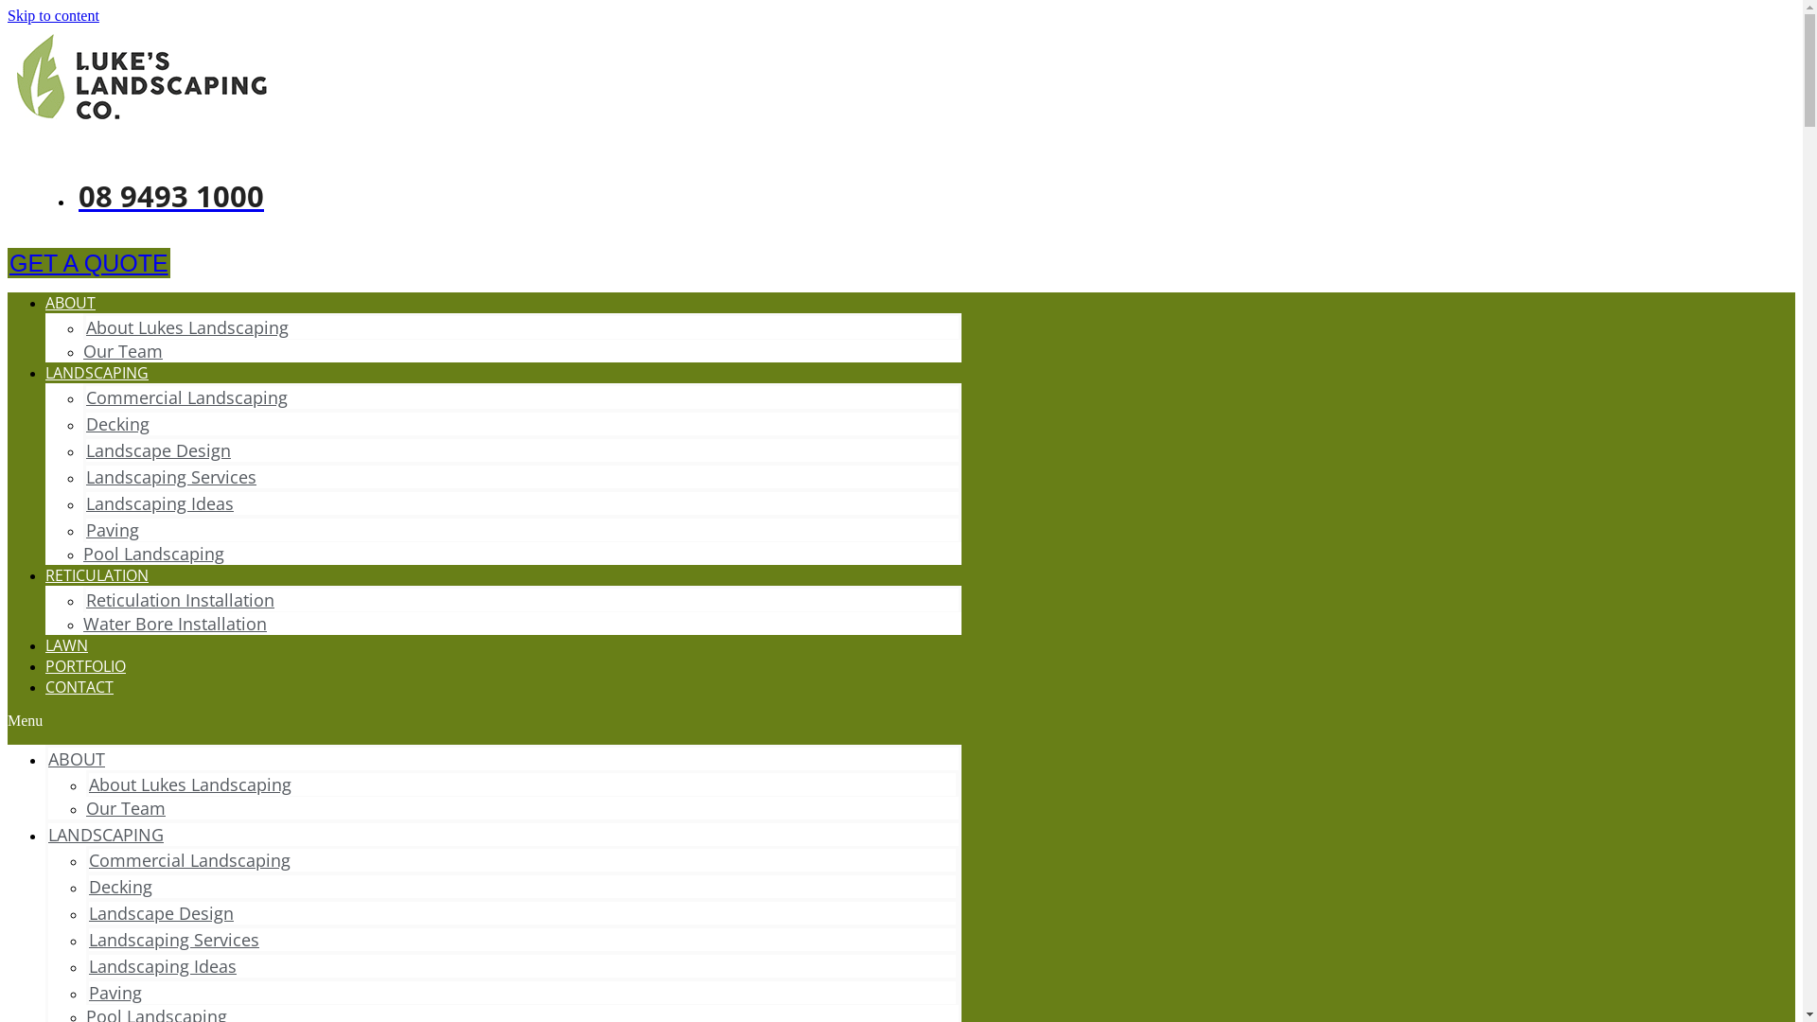 This screenshot has width=1817, height=1022. Describe the element at coordinates (84, 665) in the screenshot. I see `'PORTFOLIO'` at that location.